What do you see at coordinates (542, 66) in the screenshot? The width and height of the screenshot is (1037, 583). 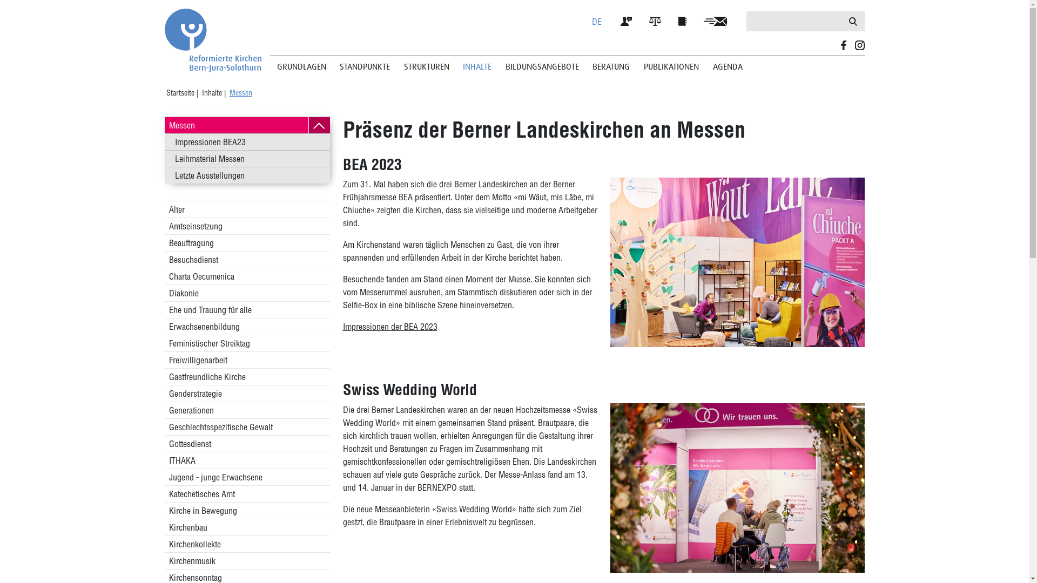 I see `'BILDUNGSANGEBOTE'` at bounding box center [542, 66].